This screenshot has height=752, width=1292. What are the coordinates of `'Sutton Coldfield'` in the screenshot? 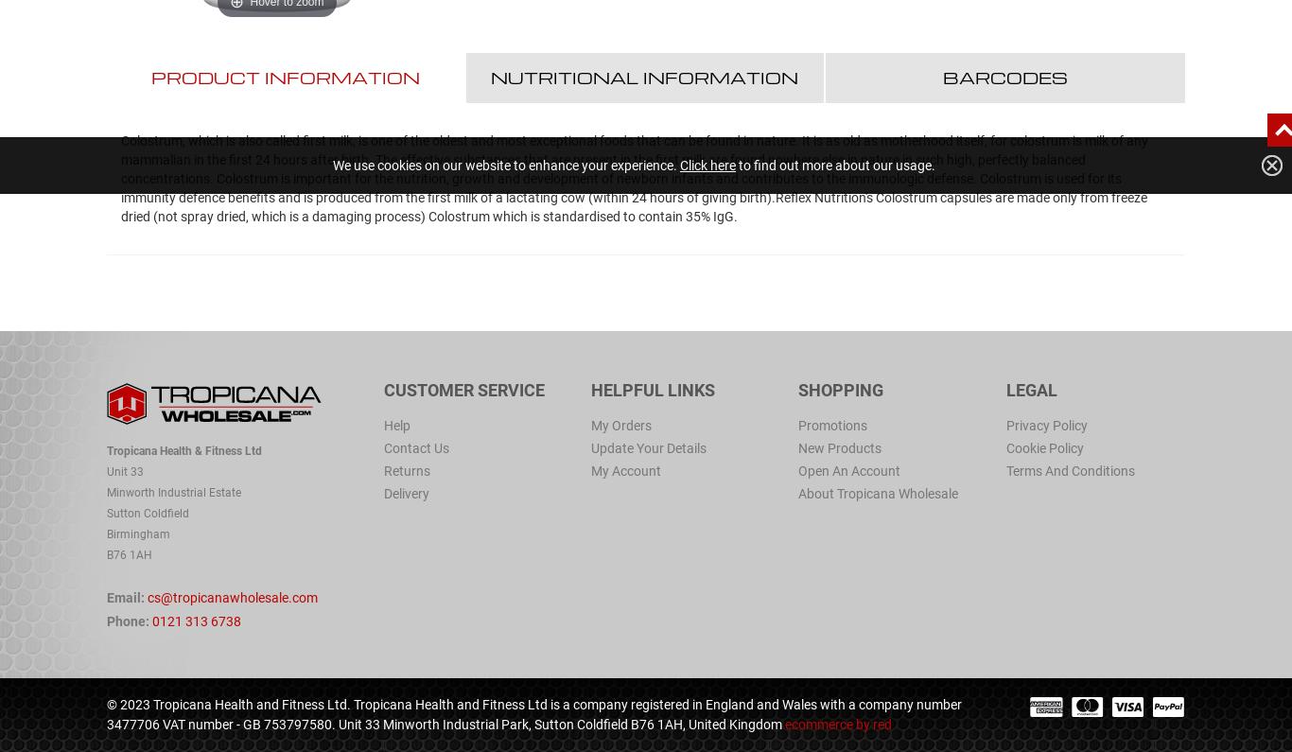 It's located at (147, 512).